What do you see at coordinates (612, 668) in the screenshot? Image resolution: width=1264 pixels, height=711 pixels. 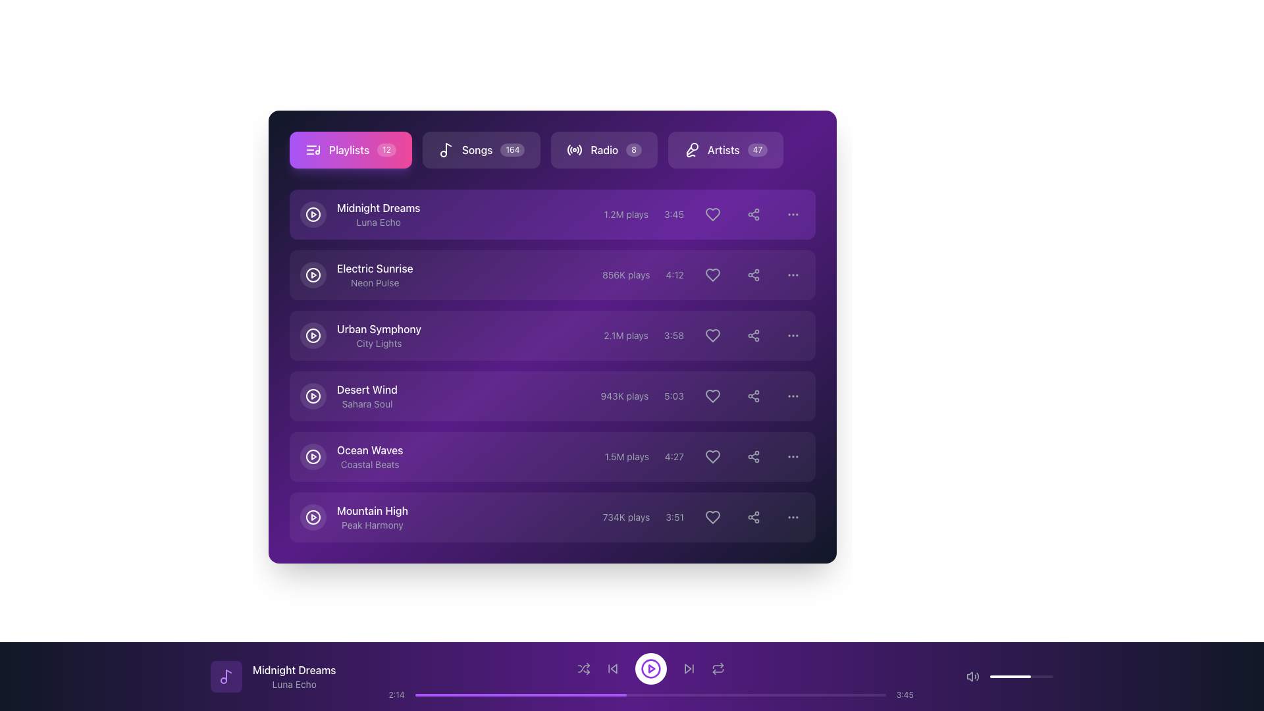 I see `the 'skip back' button located in the bottom control panel of the music player interface, which is the second button from the left, to skip to the previous track` at bounding box center [612, 668].